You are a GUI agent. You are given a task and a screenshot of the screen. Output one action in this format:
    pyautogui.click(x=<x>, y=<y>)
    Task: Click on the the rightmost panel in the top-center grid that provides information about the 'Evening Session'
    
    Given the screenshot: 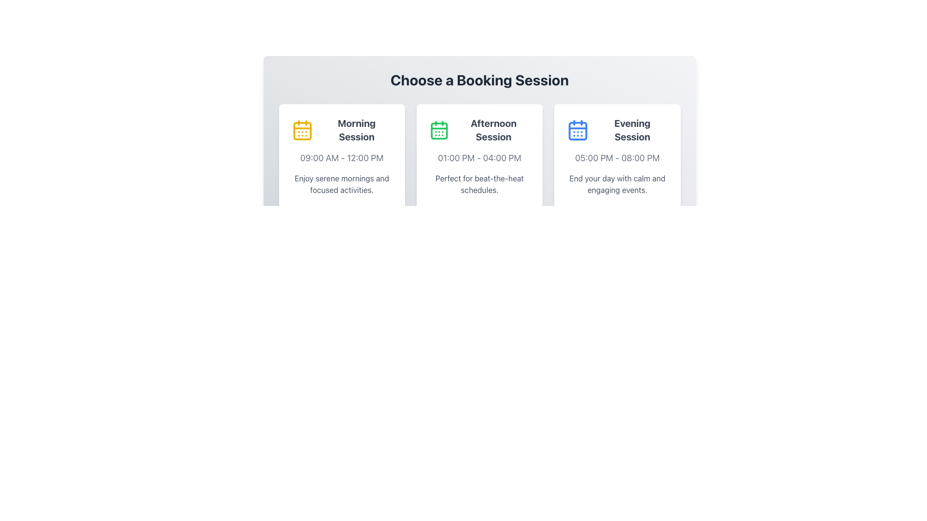 What is the action you would take?
    pyautogui.click(x=617, y=167)
    